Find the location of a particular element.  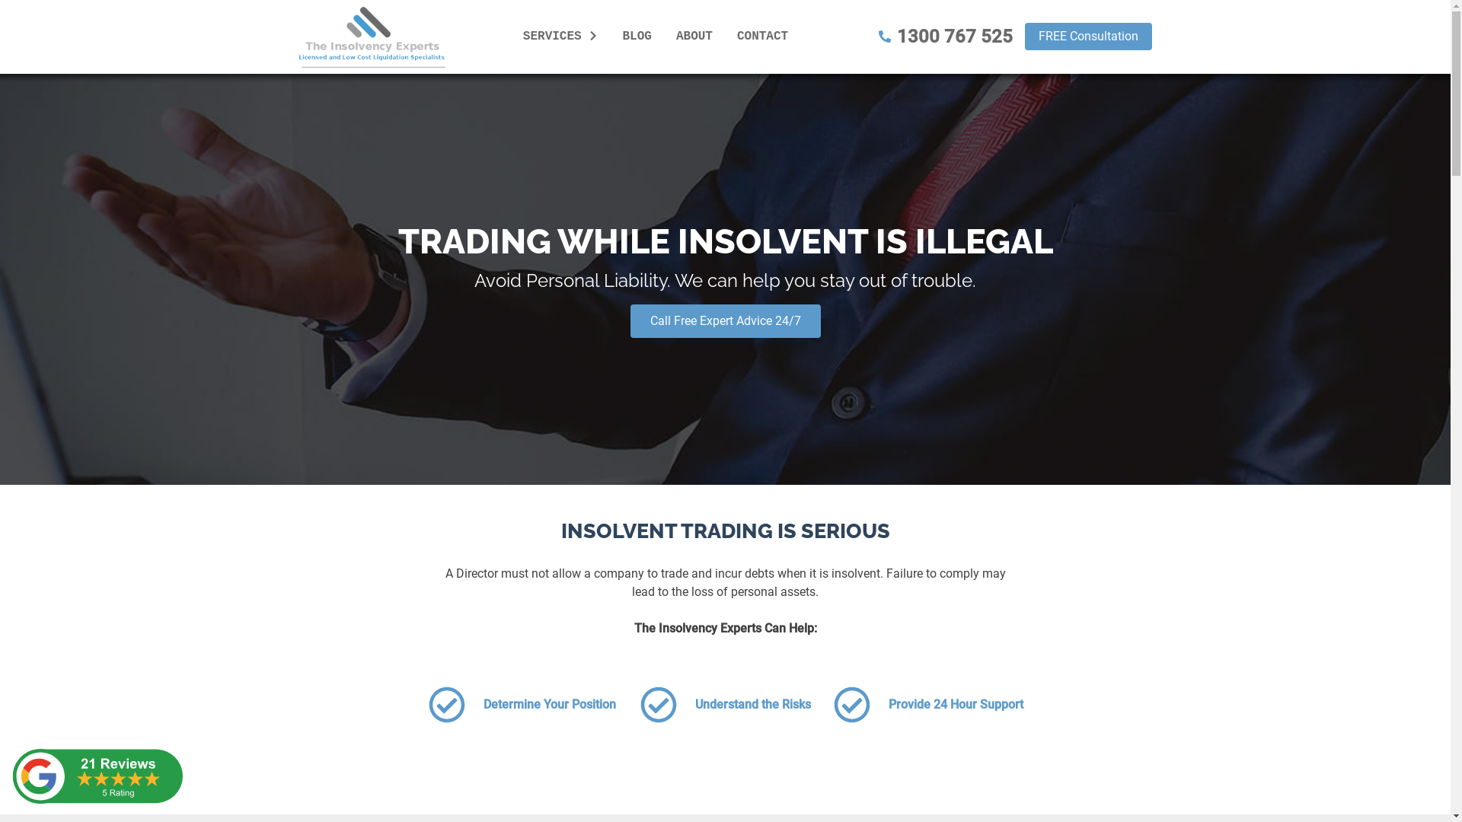

'1300 767 525' is located at coordinates (945, 35).